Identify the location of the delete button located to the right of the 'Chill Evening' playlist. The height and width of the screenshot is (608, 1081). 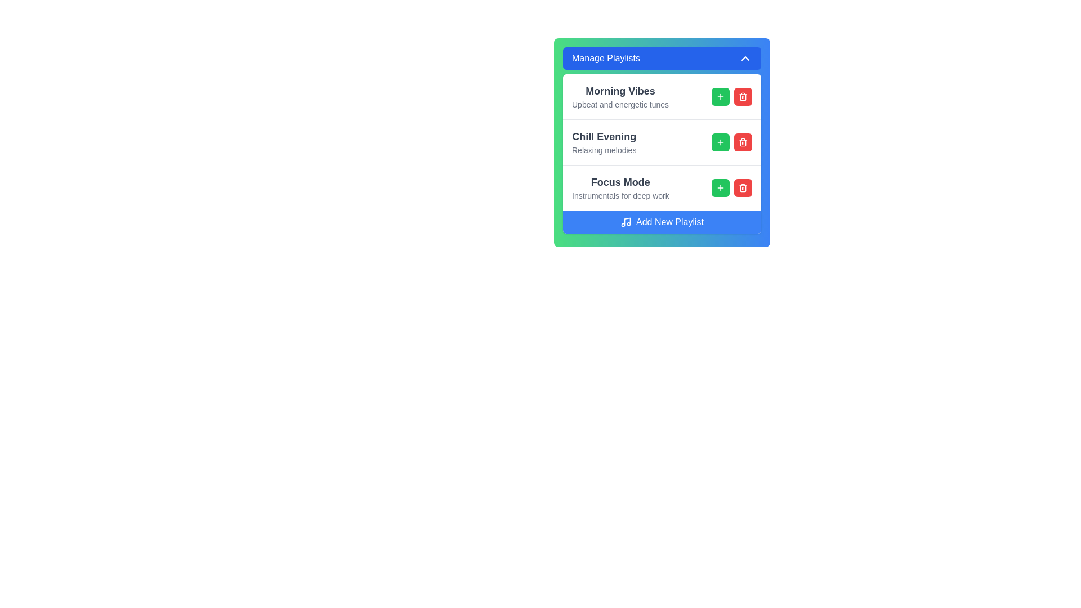
(743, 142).